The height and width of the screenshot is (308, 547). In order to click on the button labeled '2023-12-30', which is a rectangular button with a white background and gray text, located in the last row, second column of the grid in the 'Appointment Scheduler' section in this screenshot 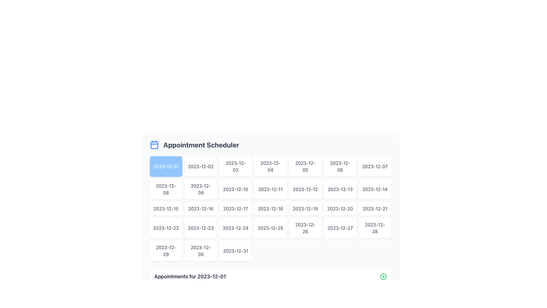, I will do `click(201, 250)`.